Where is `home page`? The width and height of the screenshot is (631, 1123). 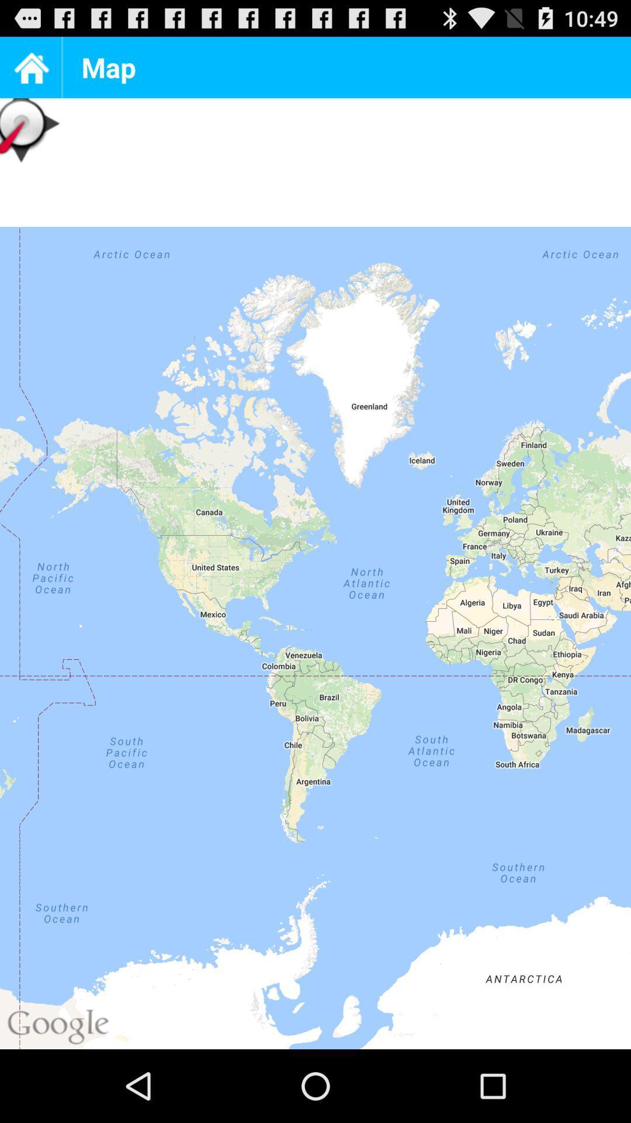 home page is located at coordinates (30, 67).